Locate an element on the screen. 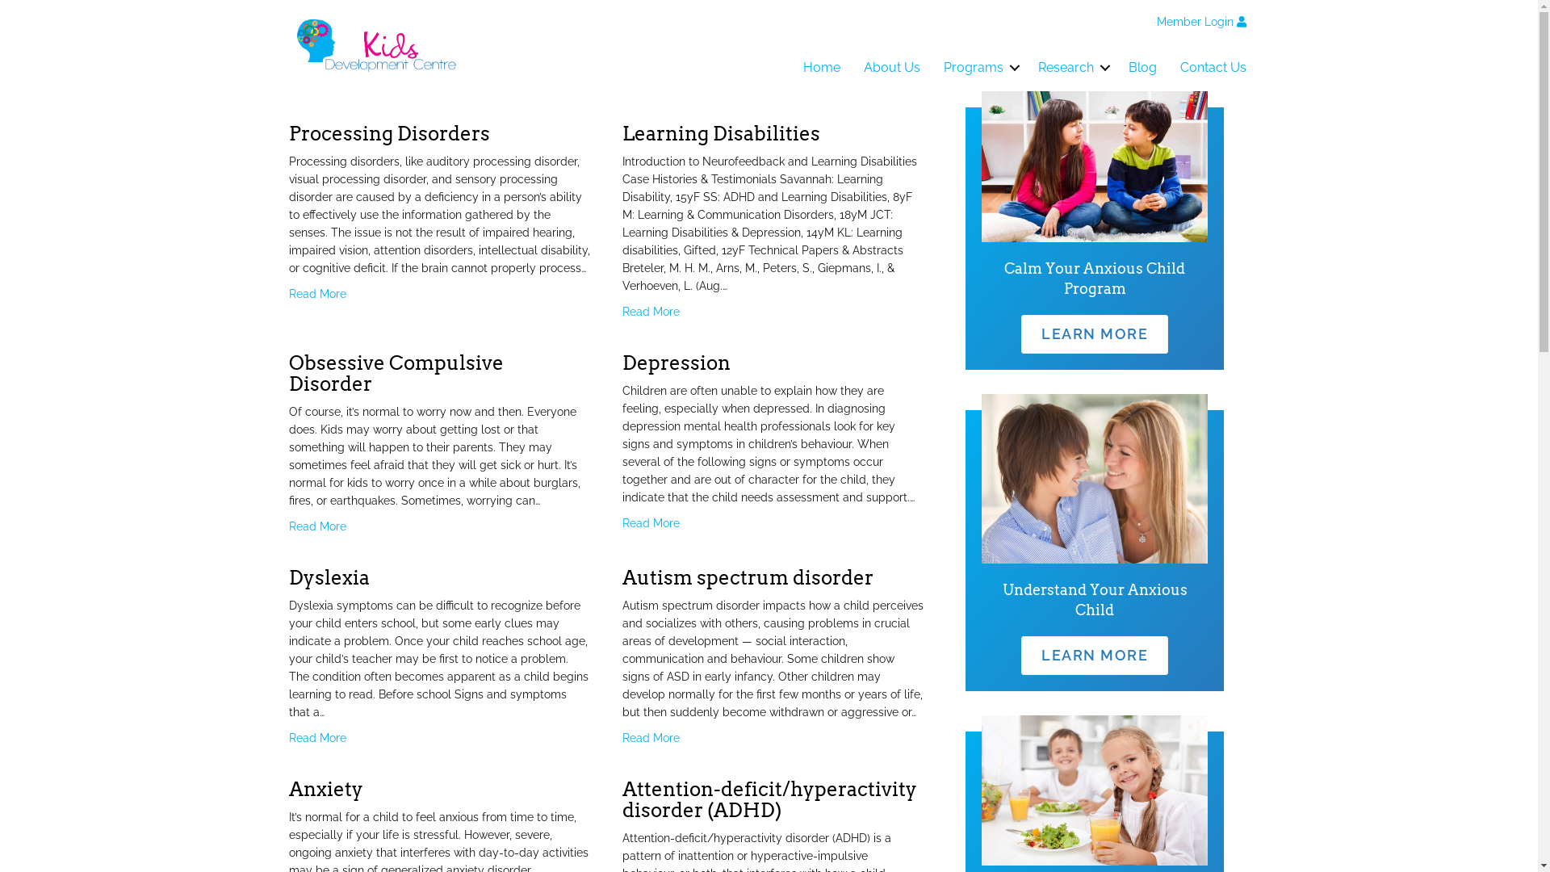 Image resolution: width=1550 pixels, height=872 pixels. 'Read More' is located at coordinates (289, 738).